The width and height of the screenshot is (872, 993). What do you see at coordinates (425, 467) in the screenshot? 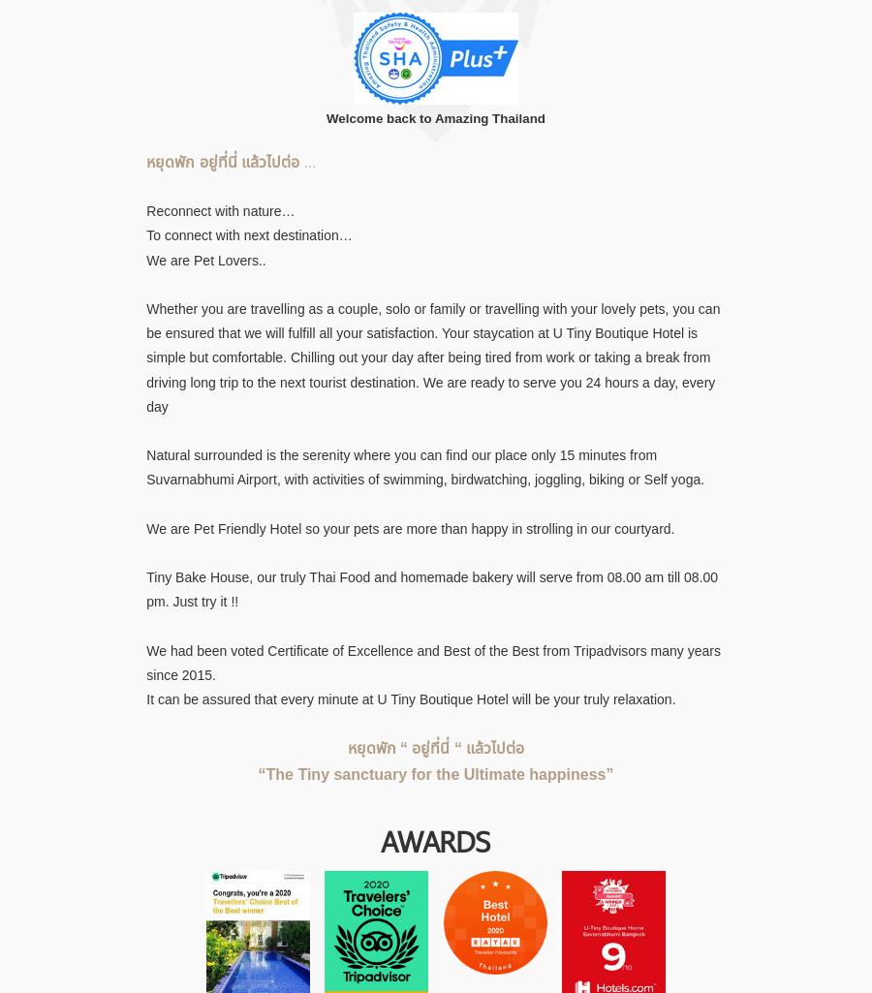
I see `'Natural surrounded is the serenity where you can find our place only 15 minutes from Suvarnabhumi Airport, with activities of swimming, birdwatching, joggling, biking or Self yoga.'` at bounding box center [425, 467].